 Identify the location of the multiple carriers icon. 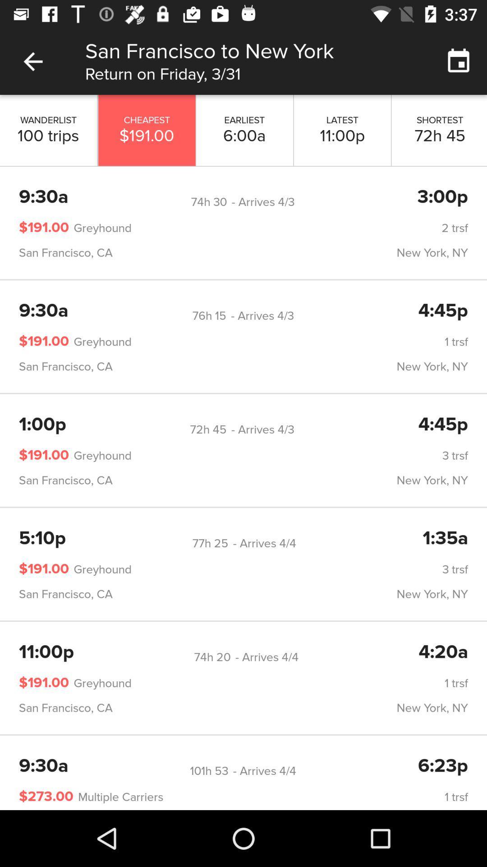
(118, 797).